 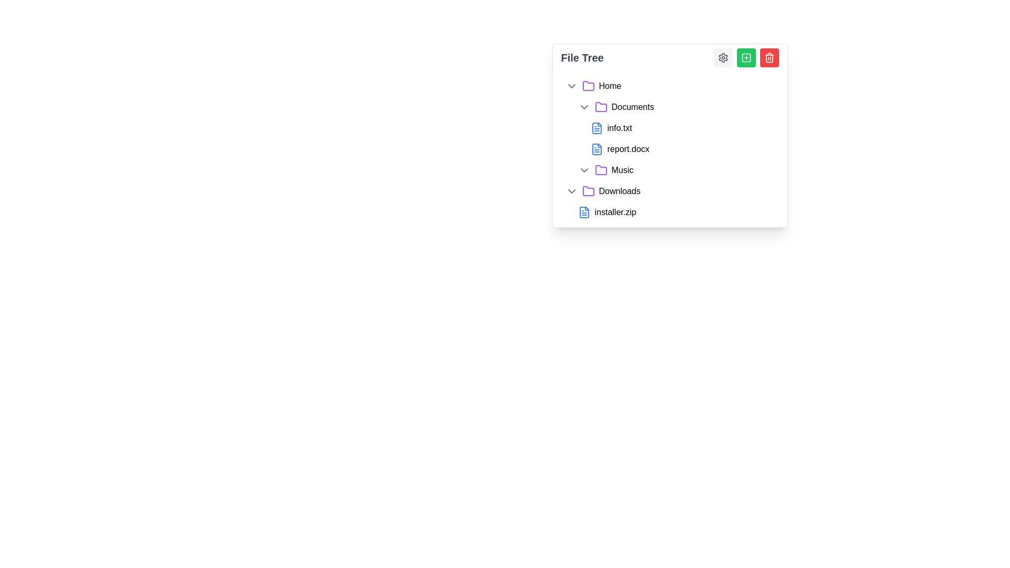 What do you see at coordinates (682, 127) in the screenshot?
I see `the file node labeled 'info.txt'` at bounding box center [682, 127].